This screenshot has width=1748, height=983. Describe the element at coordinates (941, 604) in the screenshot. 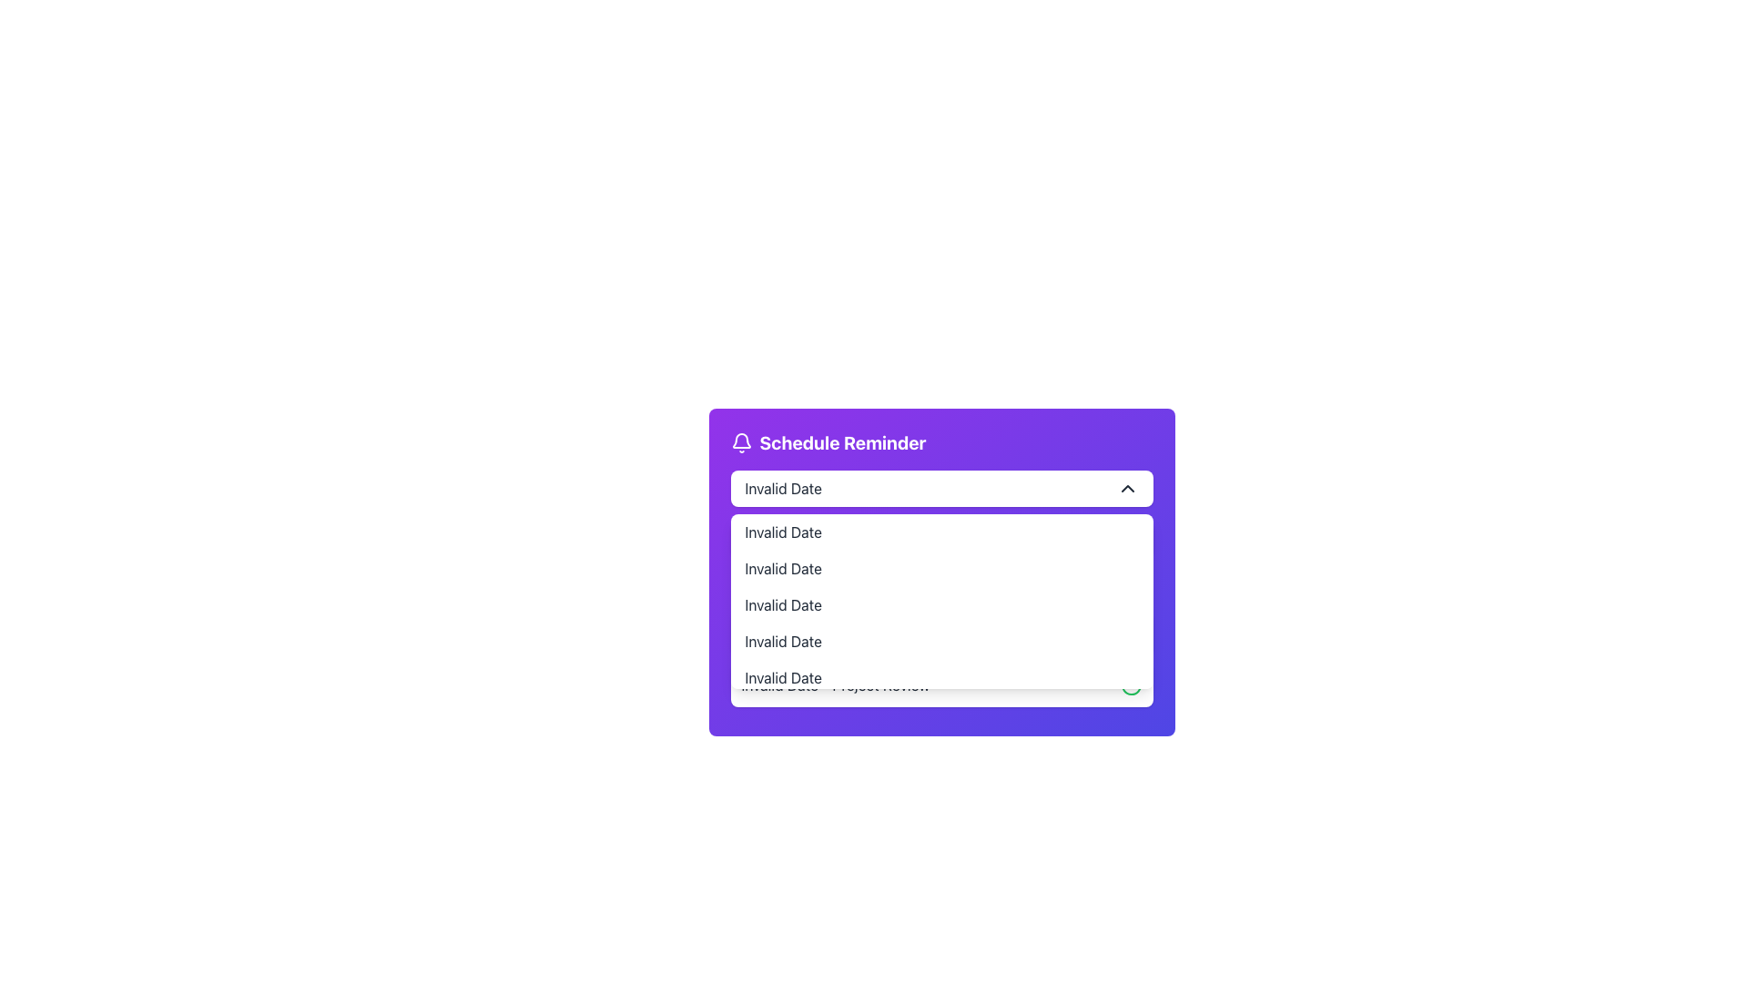

I see `the third list item labeled 'Invalid Date' in the dropdown menu` at that location.